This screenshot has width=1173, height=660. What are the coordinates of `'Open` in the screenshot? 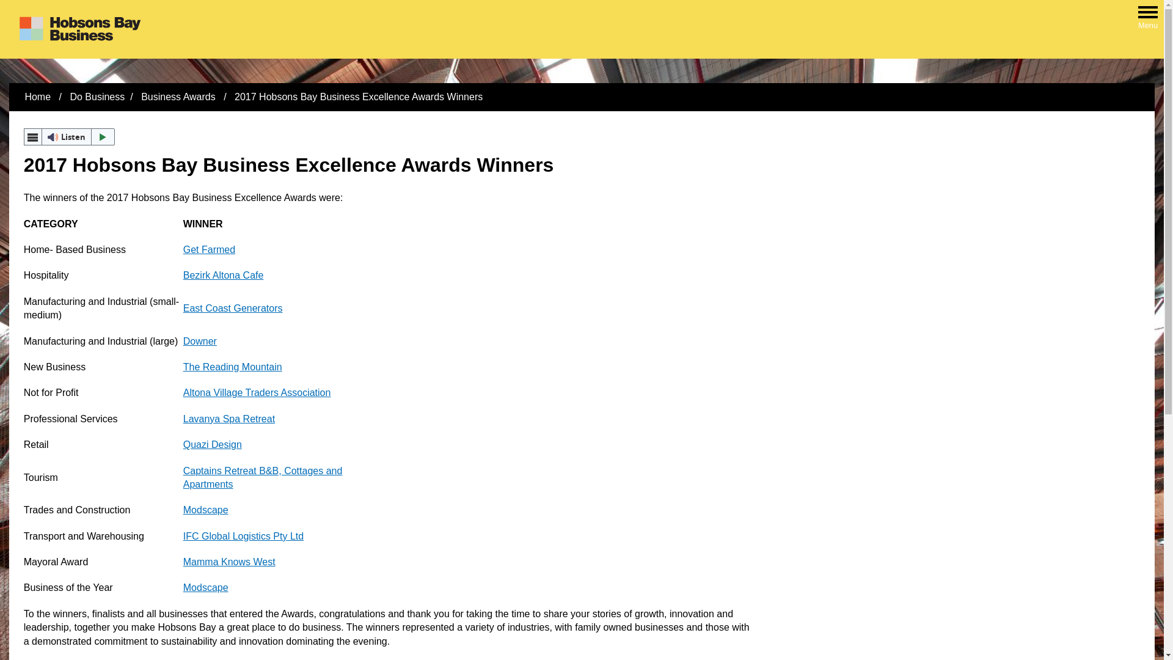 It's located at (1147, 14).